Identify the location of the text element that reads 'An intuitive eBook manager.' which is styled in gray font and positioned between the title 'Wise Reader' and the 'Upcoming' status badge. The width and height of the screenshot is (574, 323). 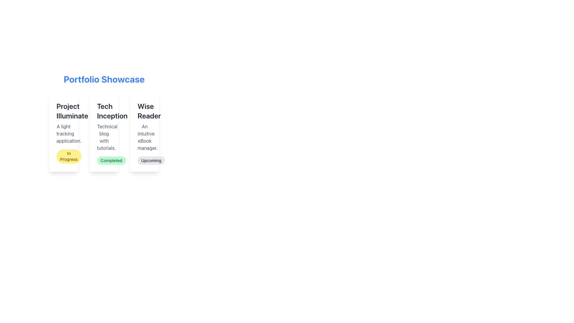
(145, 137).